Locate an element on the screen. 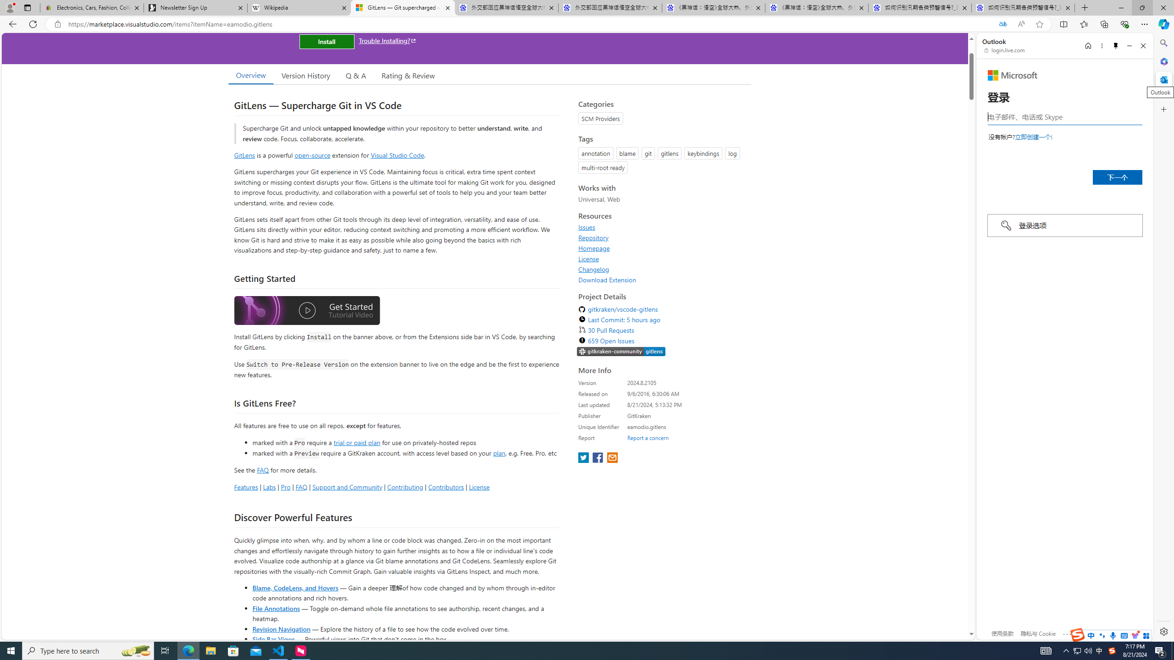 The image size is (1174, 660). 'login.live.com' is located at coordinates (1004, 49).